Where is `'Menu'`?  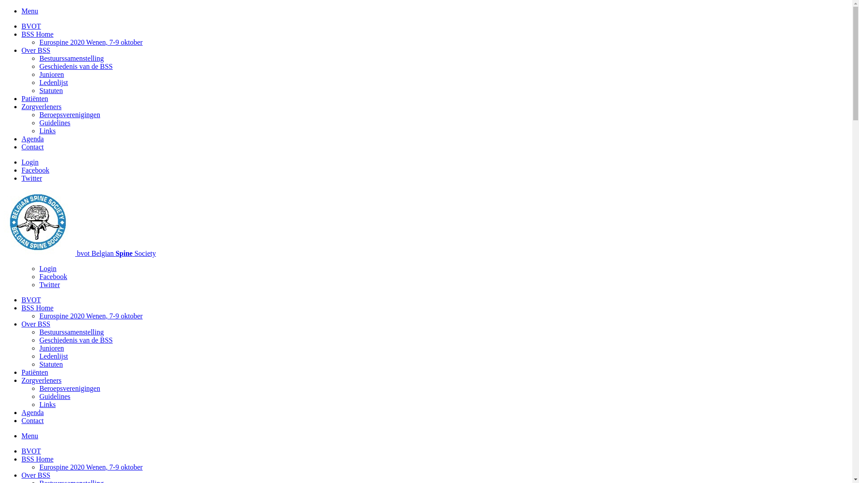
'Menu' is located at coordinates (30, 435).